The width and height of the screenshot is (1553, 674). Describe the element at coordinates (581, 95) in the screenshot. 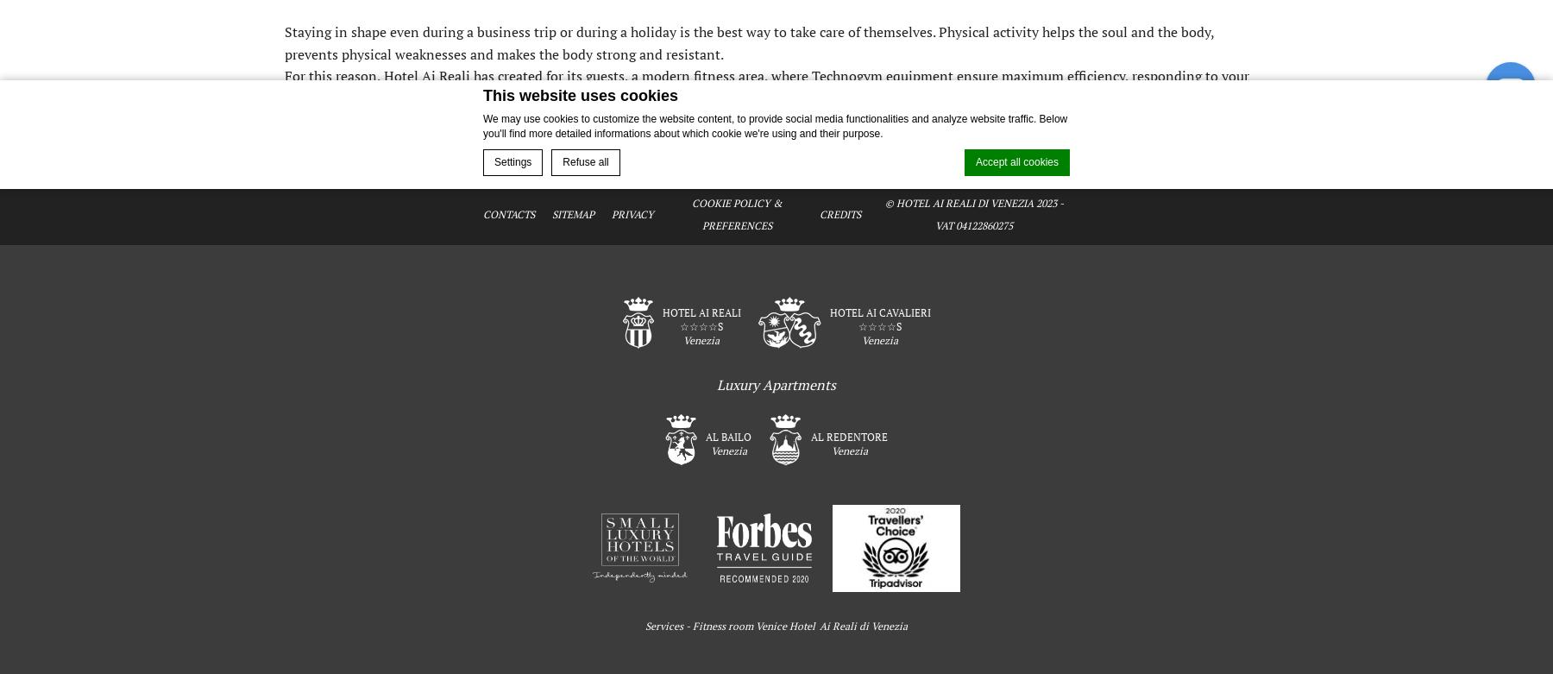

I see `'This website uses cookies'` at that location.